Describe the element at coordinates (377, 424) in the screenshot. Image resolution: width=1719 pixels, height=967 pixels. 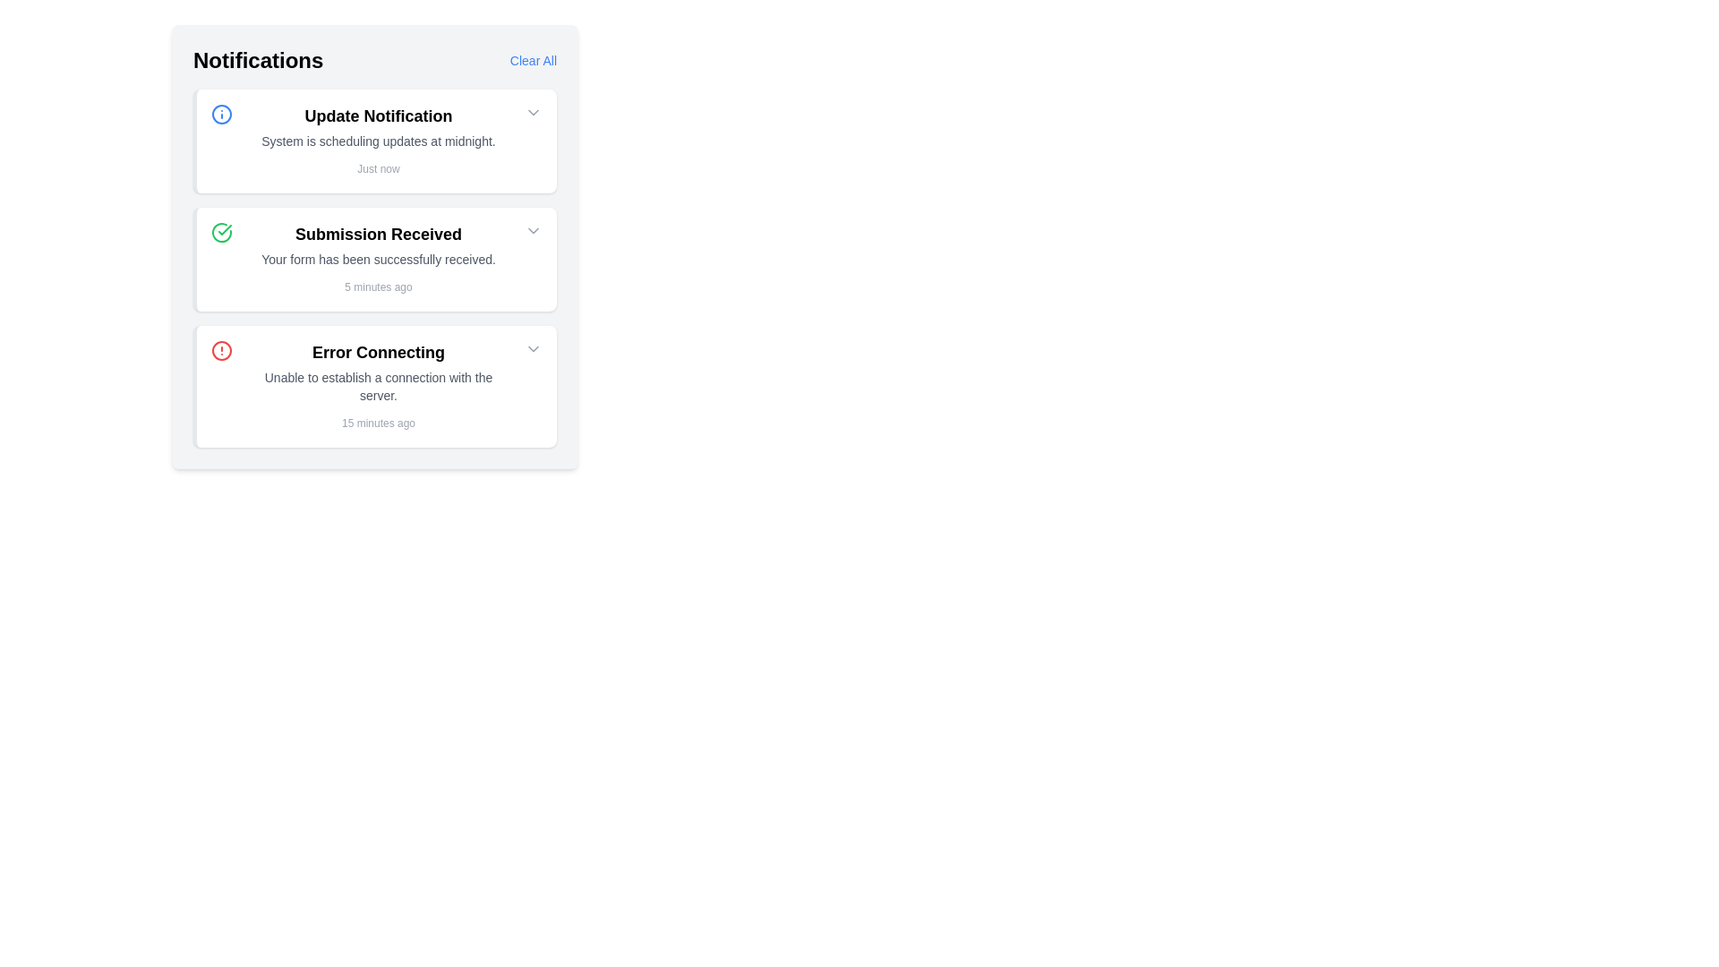
I see `the timestamp text label located at the bottom of the 'Error Connecting' card, which indicates when the error notification occurred` at that location.